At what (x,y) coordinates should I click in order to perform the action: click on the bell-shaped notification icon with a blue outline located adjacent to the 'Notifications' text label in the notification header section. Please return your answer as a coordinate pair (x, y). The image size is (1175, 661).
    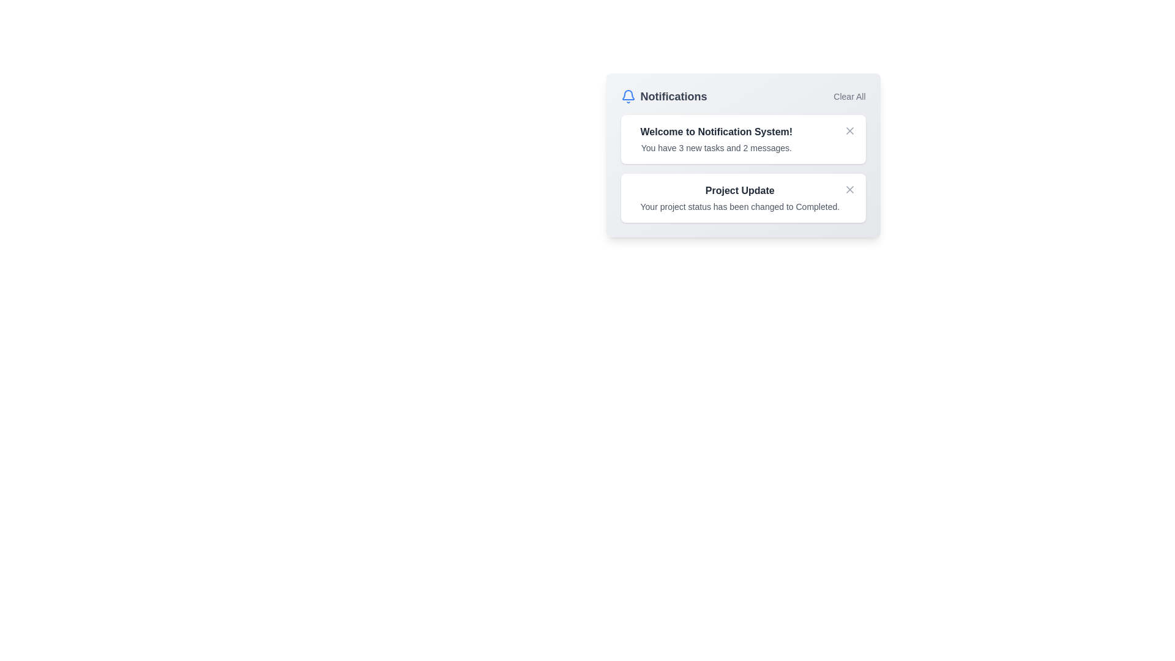
    Looking at the image, I should click on (628, 96).